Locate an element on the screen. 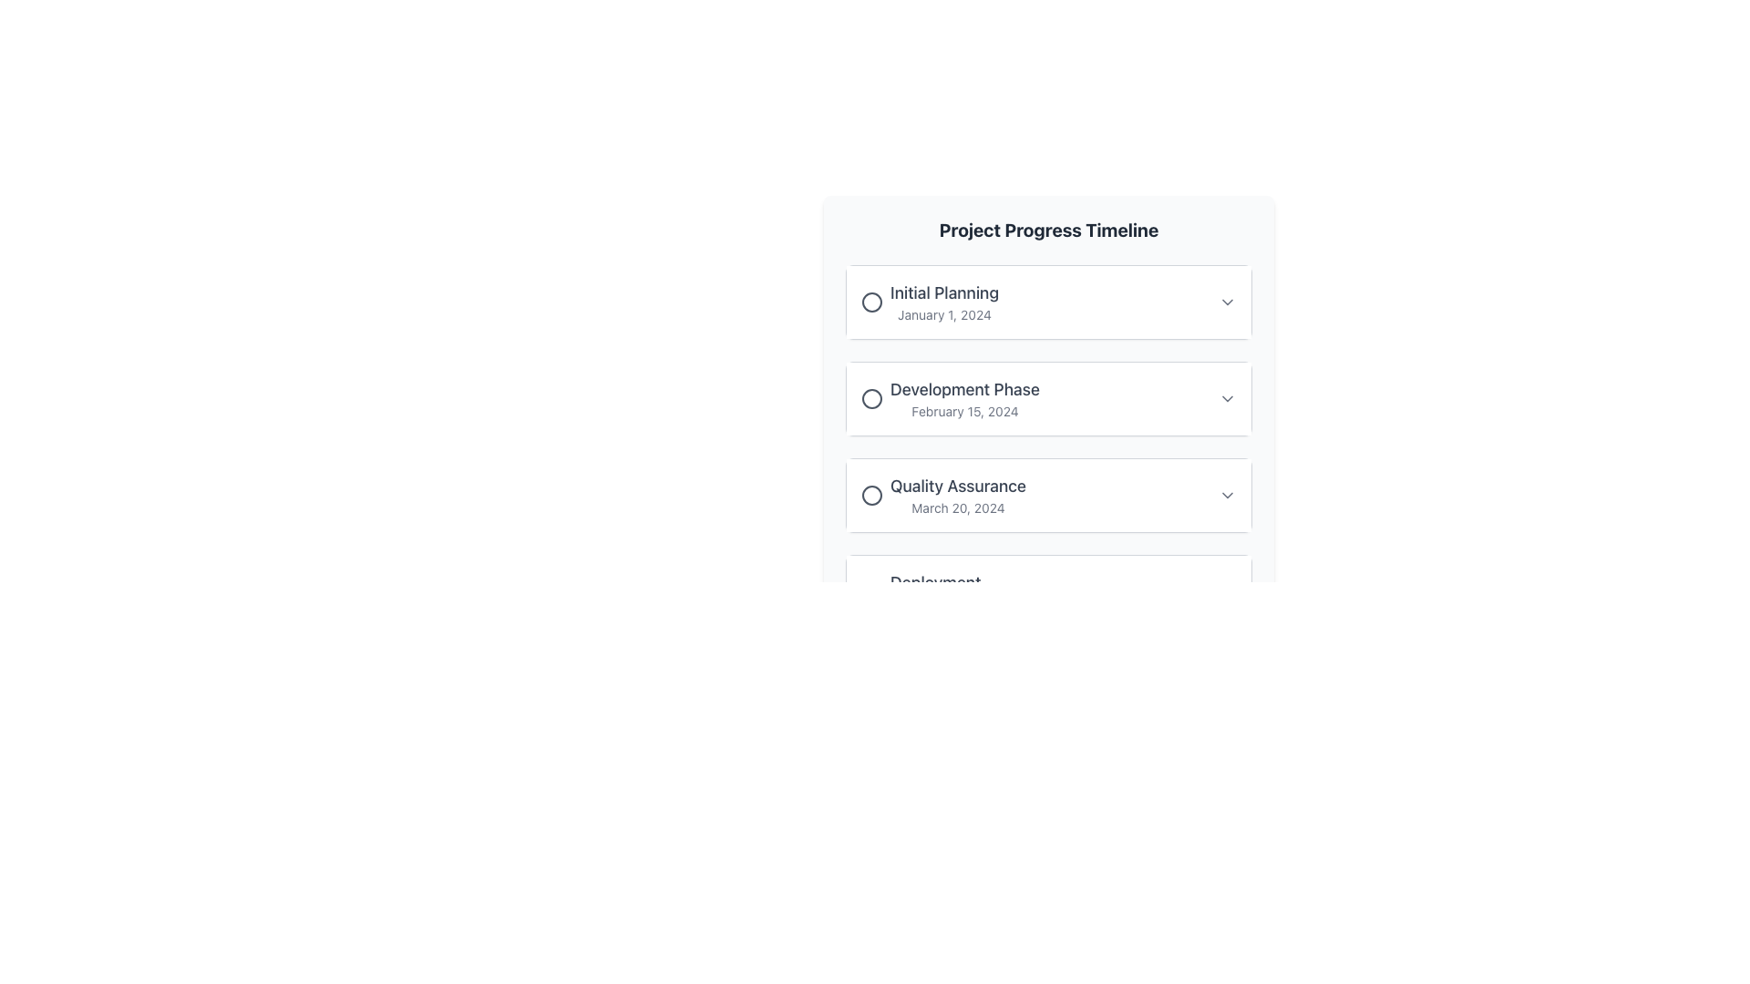  the non-interactive Circle element that serves as a status indicator for 'Development Phase', located to the left of the associated text label is located at coordinates (870, 398).